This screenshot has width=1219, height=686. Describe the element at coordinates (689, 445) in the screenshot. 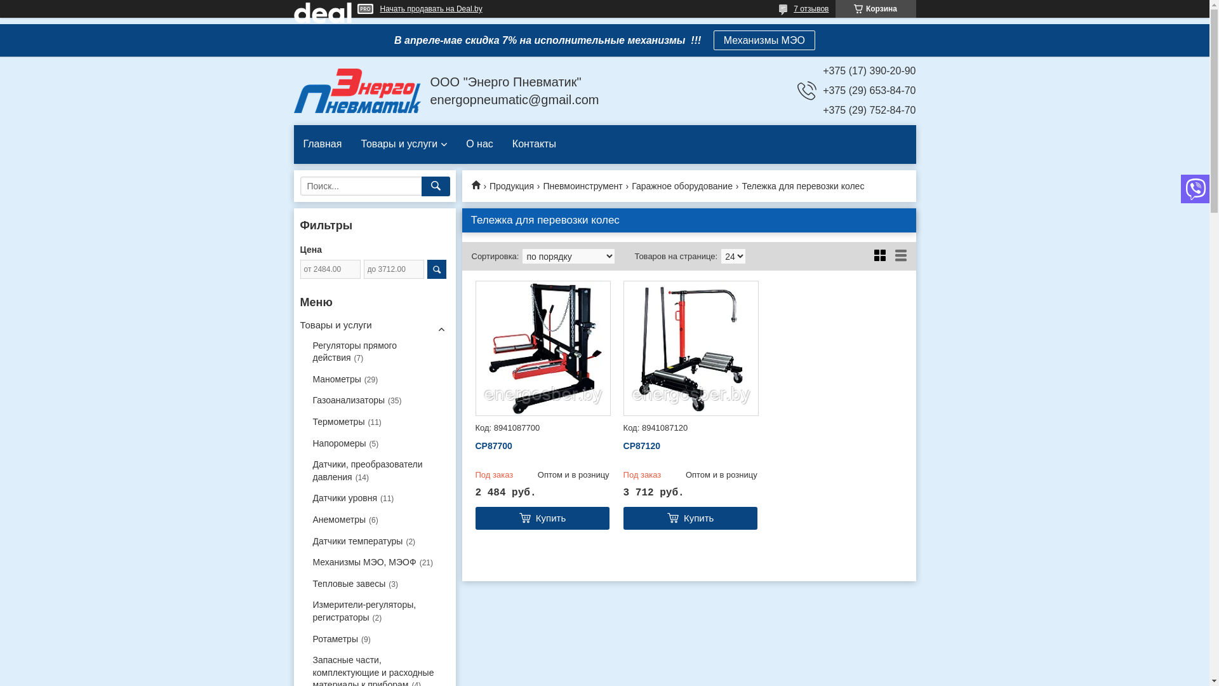

I see `'CP87120'` at that location.